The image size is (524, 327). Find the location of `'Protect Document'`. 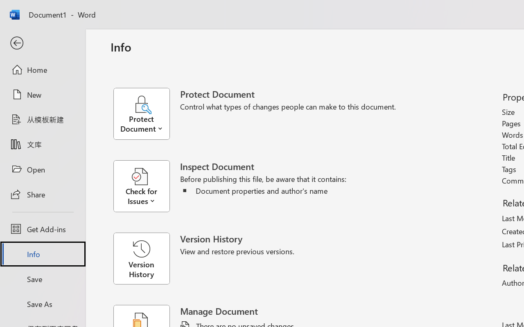

'Protect Document' is located at coordinates (147, 114).